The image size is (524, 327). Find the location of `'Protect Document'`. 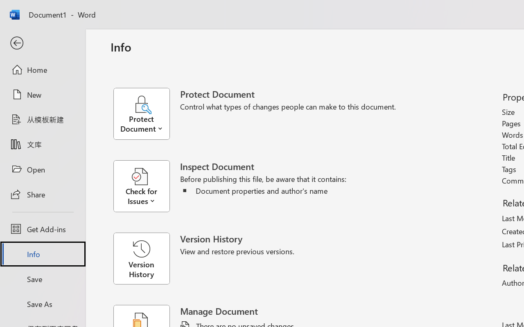

'Protect Document' is located at coordinates (147, 114).